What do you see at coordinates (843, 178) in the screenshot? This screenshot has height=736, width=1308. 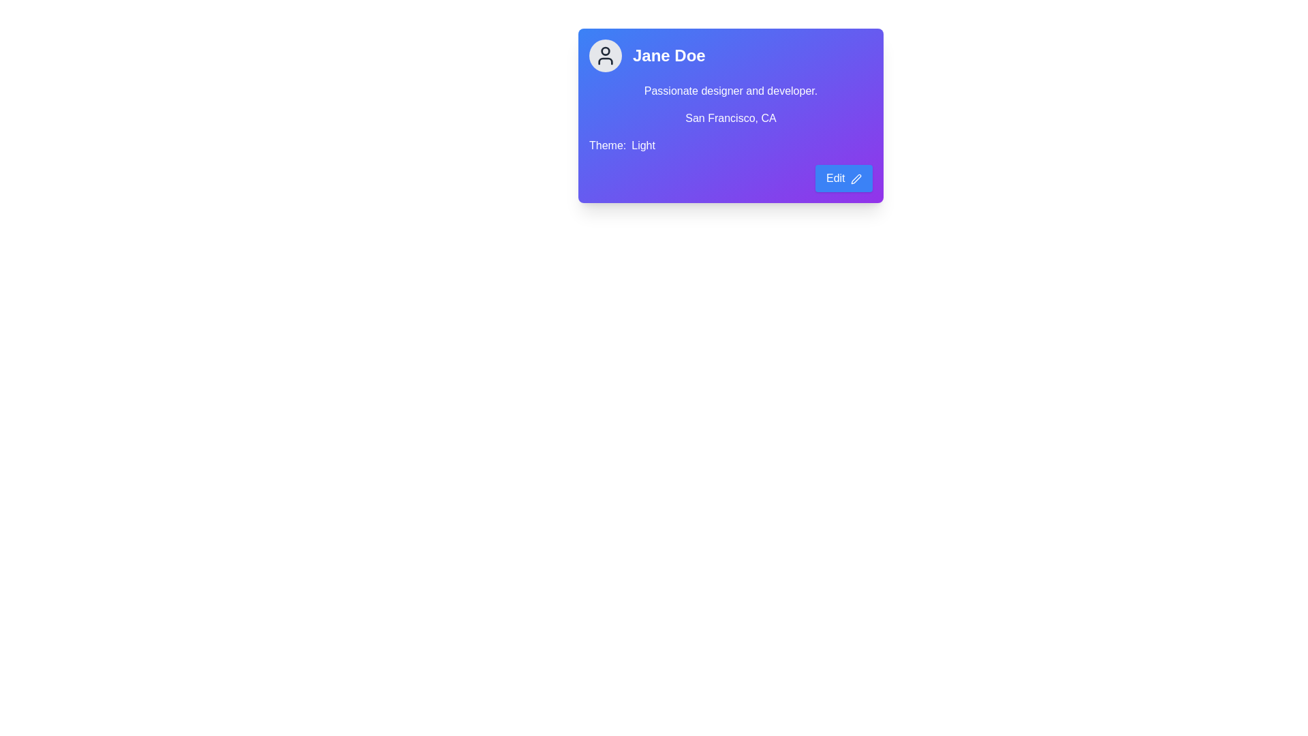 I see `the blue button labeled 'Edit' with a pen icon on the right` at bounding box center [843, 178].